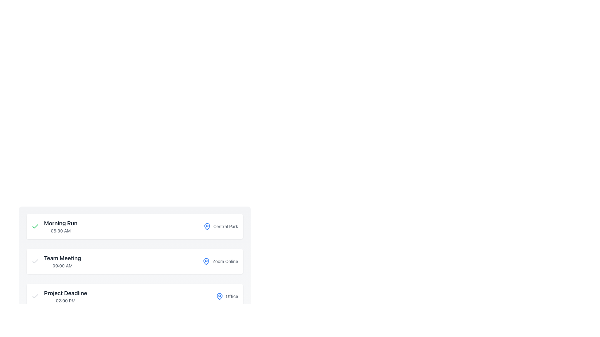 This screenshot has height=337, width=600. I want to click on the text label that provides location details, positioned to the right of the map pin icon and under 'Project Deadline', so click(232, 296).